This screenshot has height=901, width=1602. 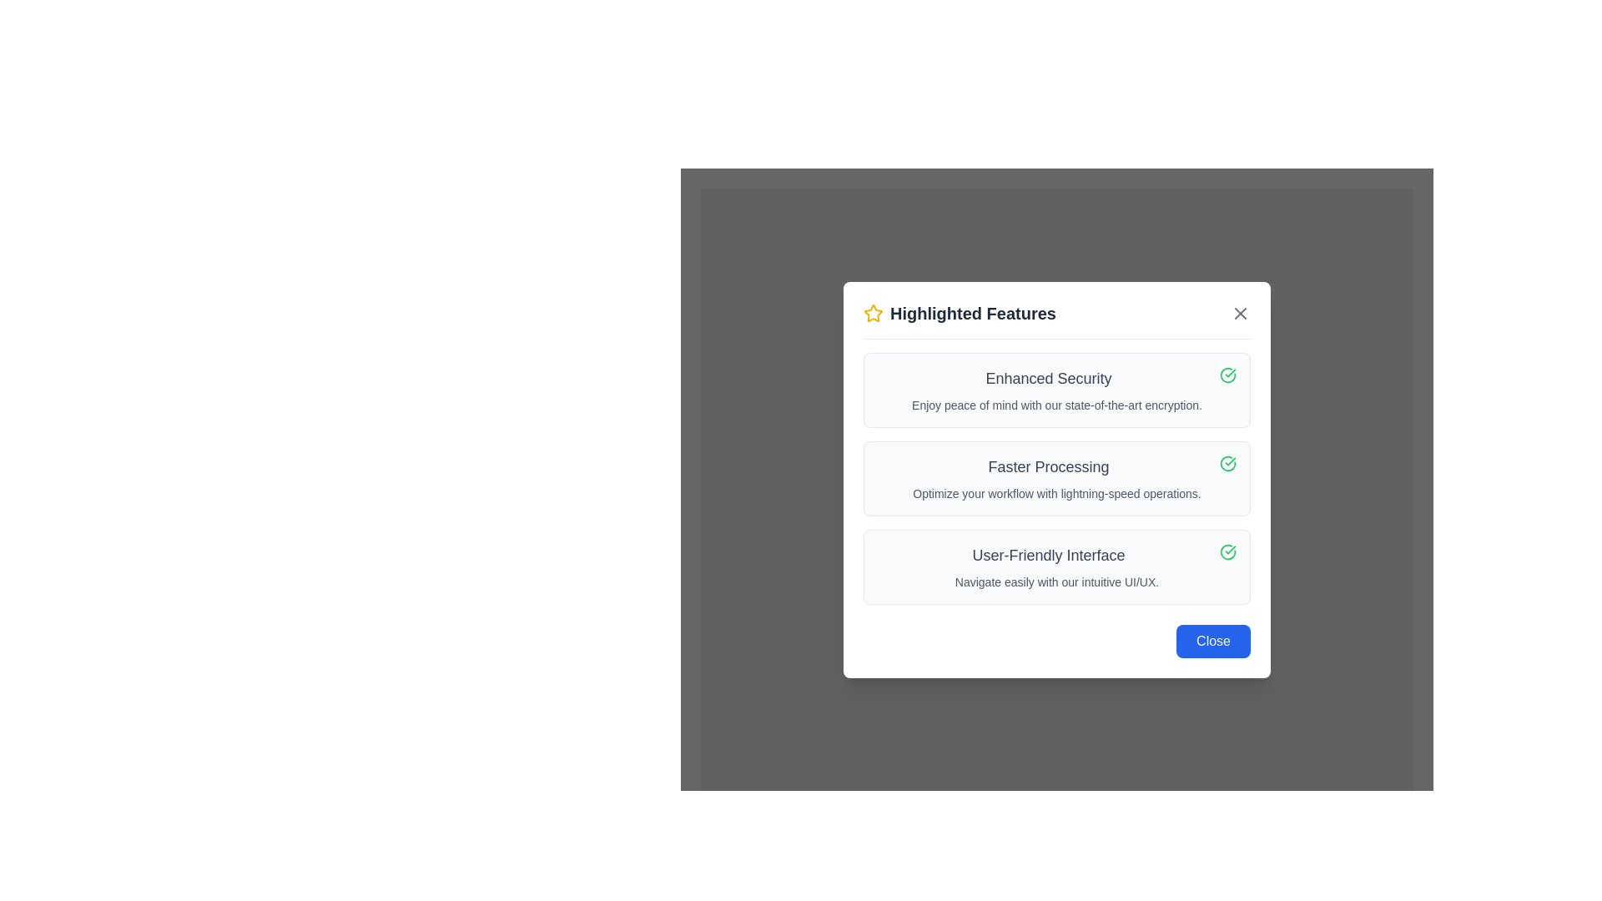 What do you see at coordinates (1228, 373) in the screenshot?
I see `the visual indicator icon for the 'Enhanced Security' feature located at the top-right corner of the card` at bounding box center [1228, 373].